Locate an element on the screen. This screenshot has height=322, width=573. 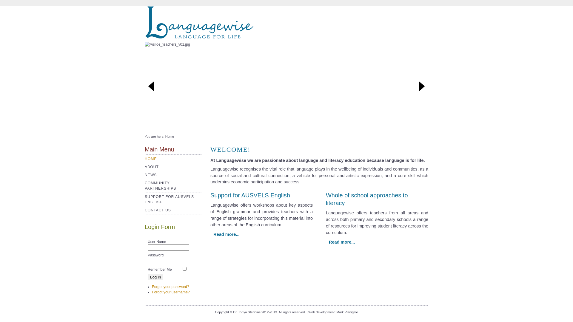
'Support for AUSVELS English' is located at coordinates (250, 195).